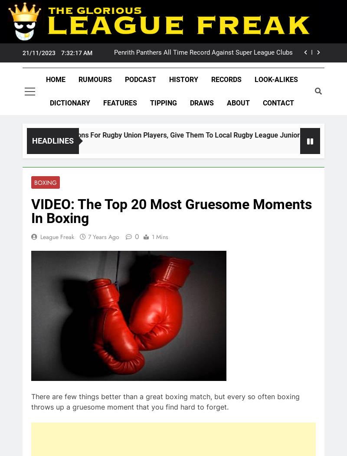 The height and width of the screenshot is (456, 347). I want to click on 'St George/Illawarra Dragons', so click(83, 343).